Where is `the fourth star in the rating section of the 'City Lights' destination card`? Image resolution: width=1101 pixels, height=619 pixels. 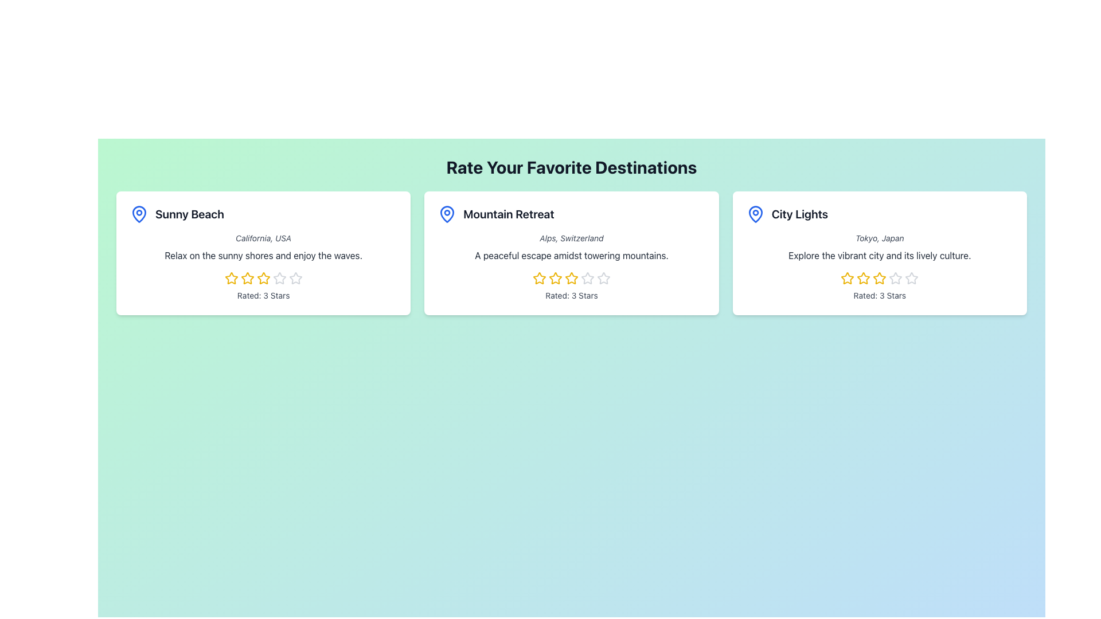
the fourth star in the rating section of the 'City Lights' destination card is located at coordinates (879, 279).